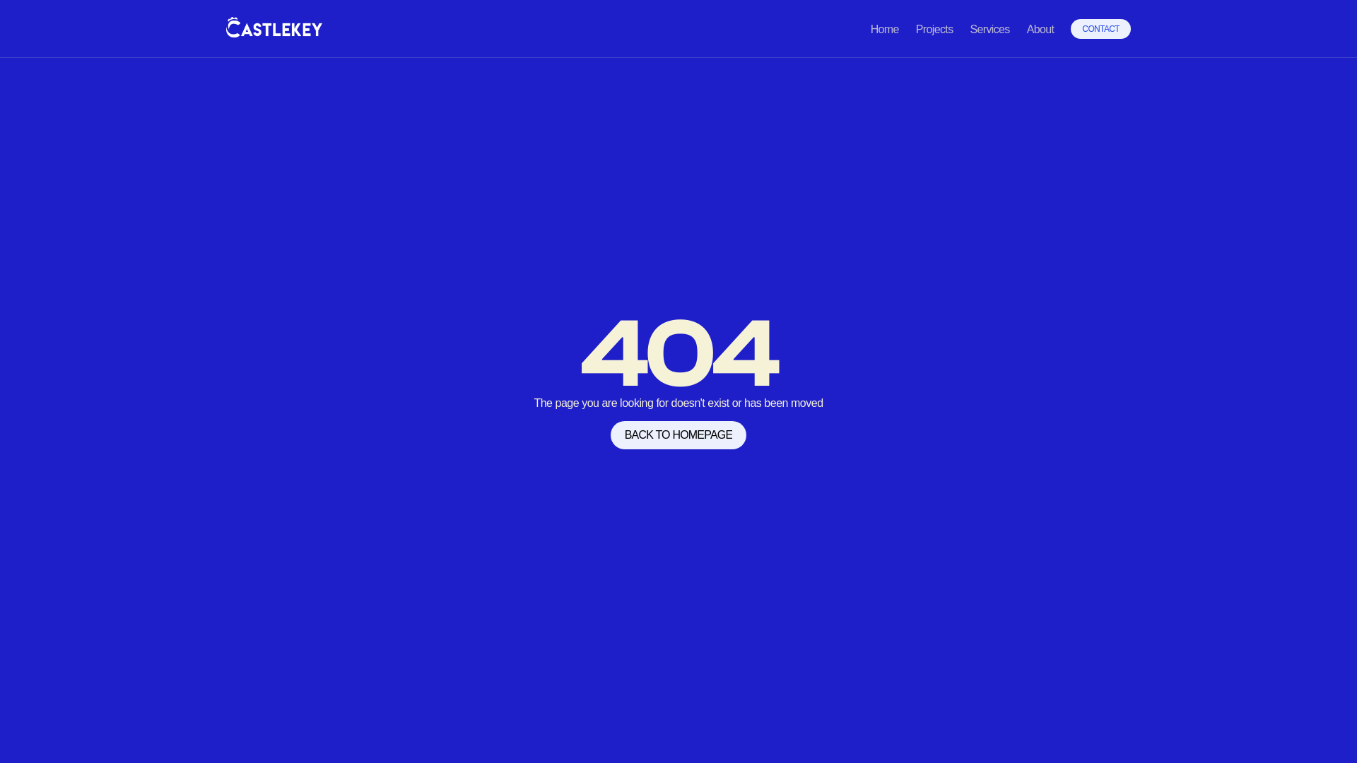 The width and height of the screenshot is (1357, 763). I want to click on 'CONTACT', so click(1071, 29).